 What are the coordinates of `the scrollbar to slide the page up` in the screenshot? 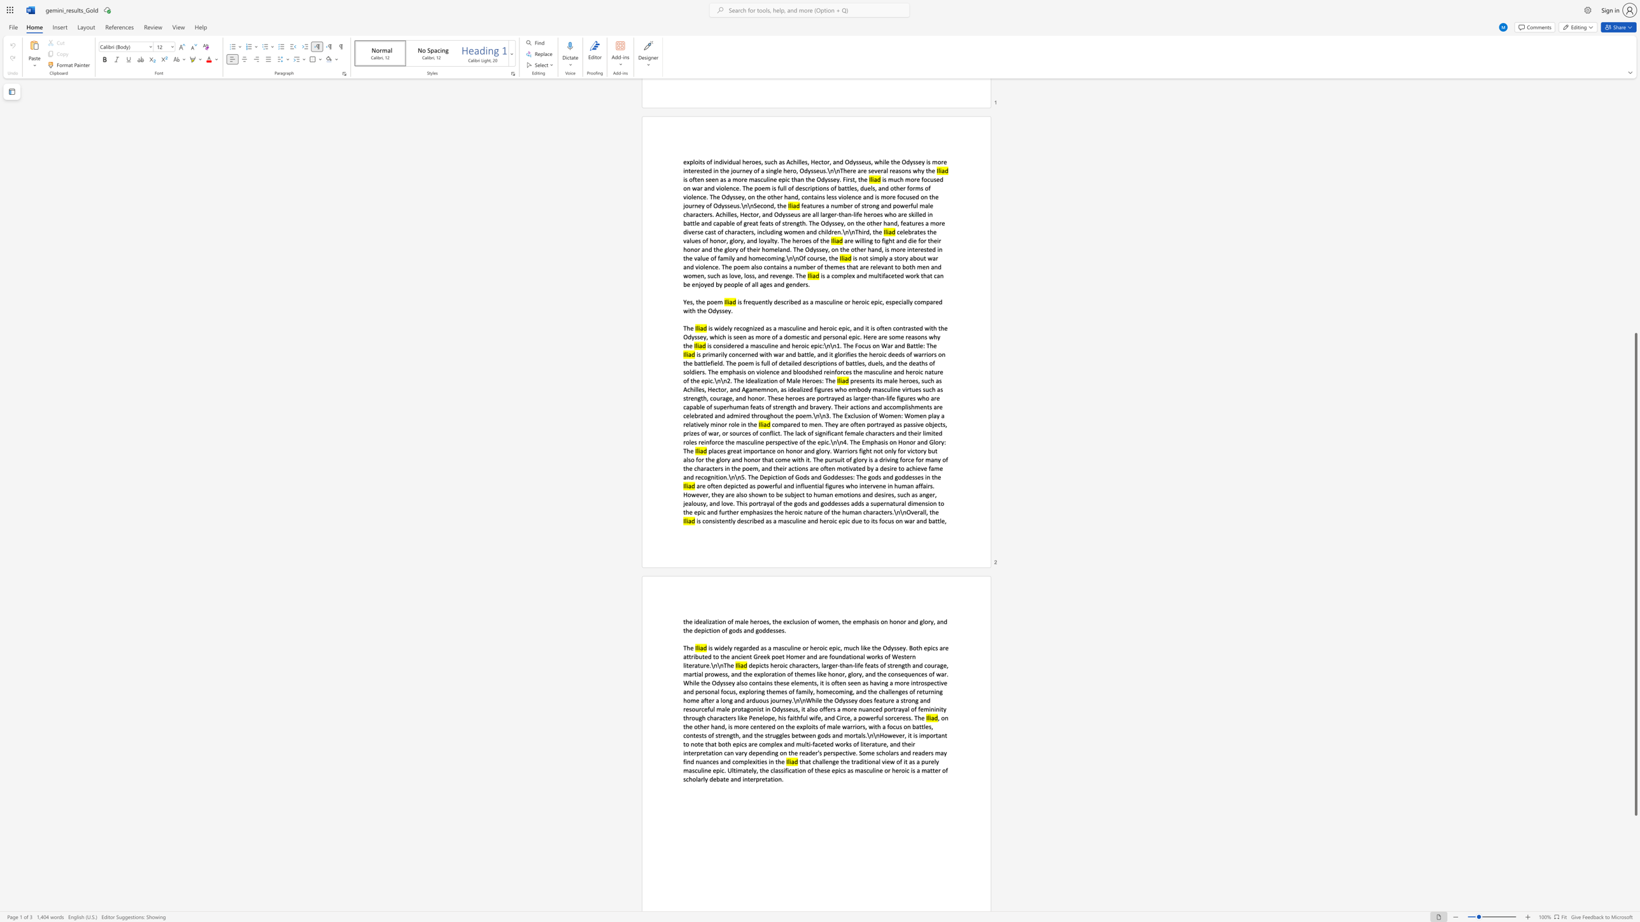 It's located at (1635, 294).